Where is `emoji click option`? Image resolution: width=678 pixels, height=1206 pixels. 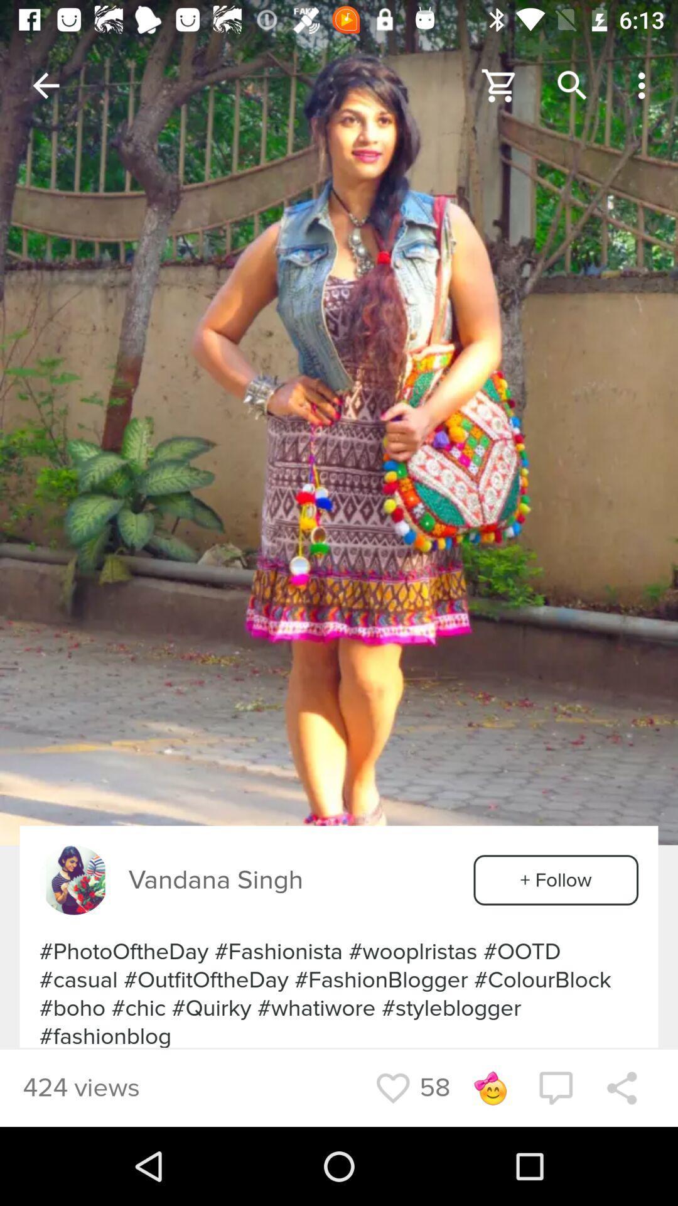 emoji click option is located at coordinates (489, 1087).